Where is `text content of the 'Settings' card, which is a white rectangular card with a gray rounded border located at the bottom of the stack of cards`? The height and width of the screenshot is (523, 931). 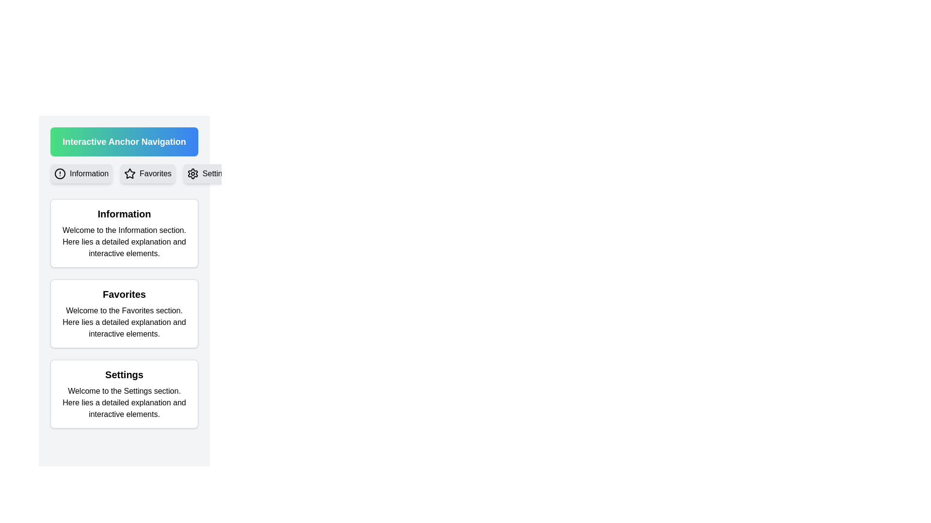
text content of the 'Settings' card, which is a white rectangular card with a gray rounded border located at the bottom of the stack of cards is located at coordinates (124, 394).